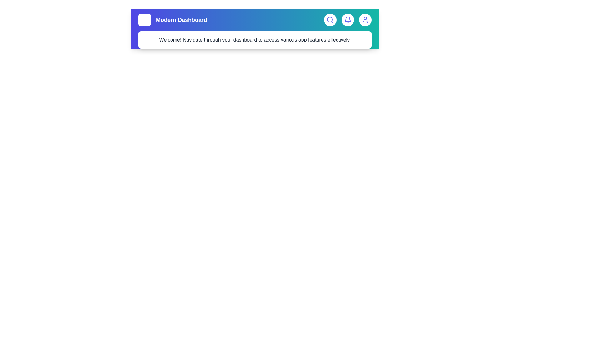  I want to click on the search icon to activate the search functionality, so click(330, 20).